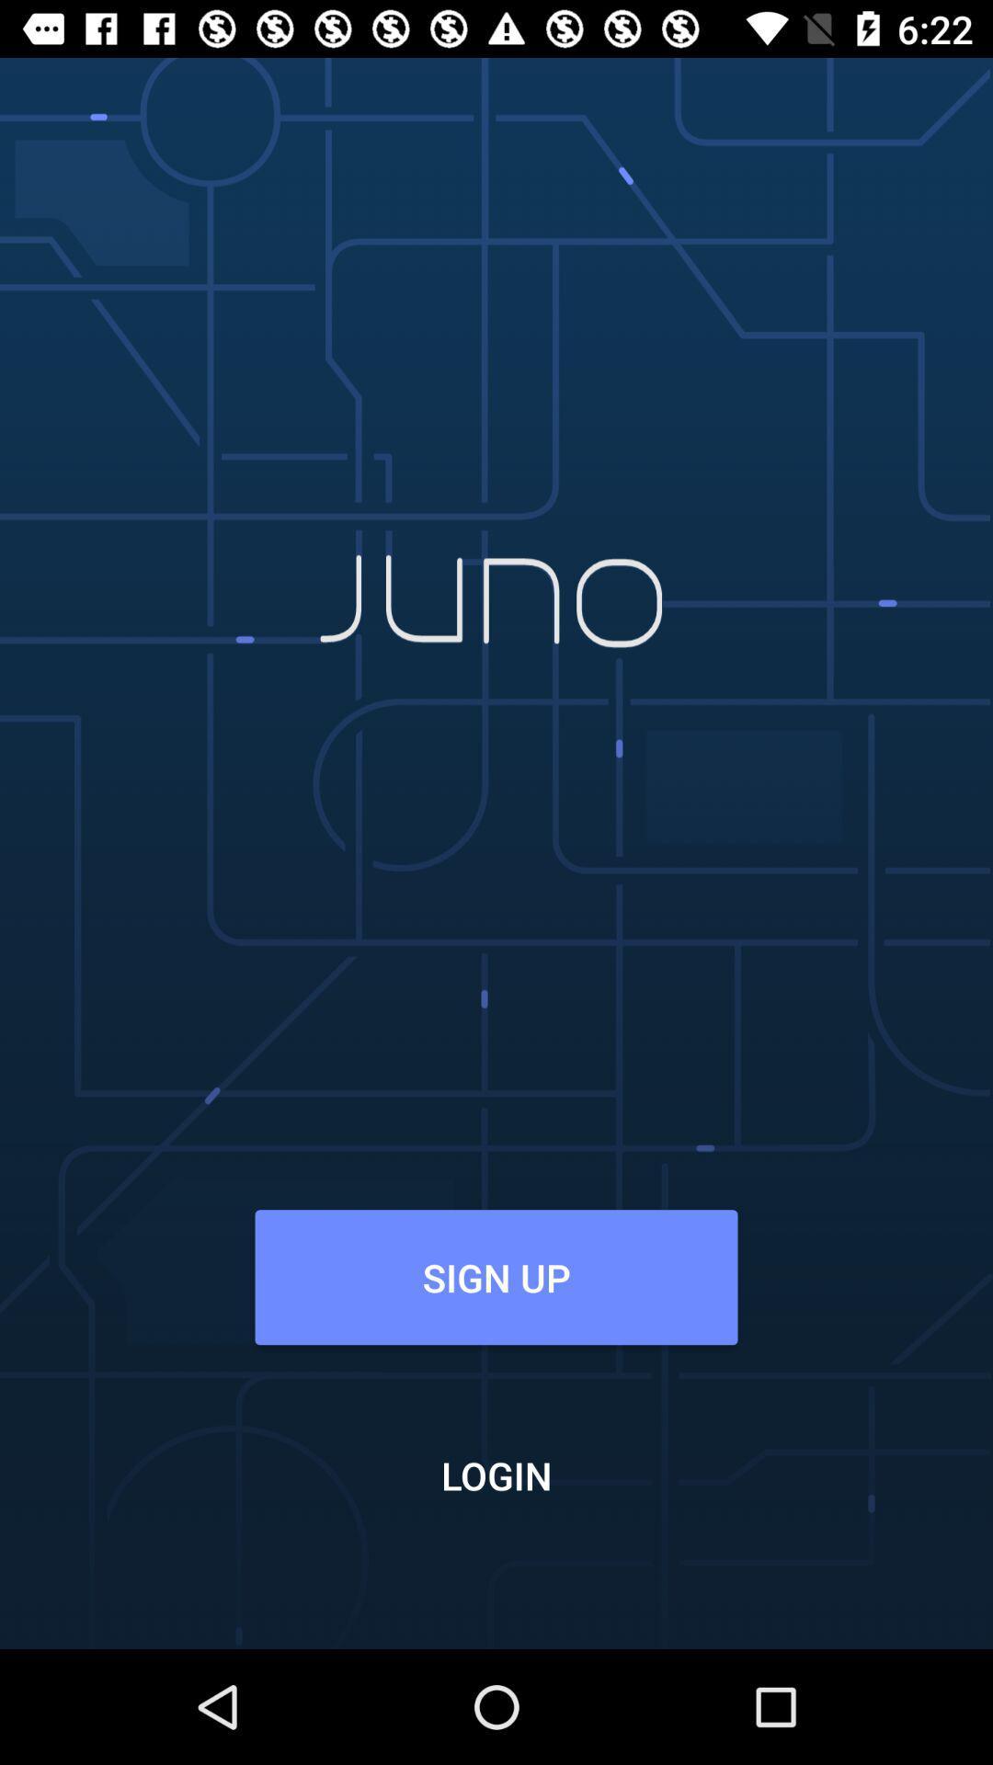 The image size is (993, 1765). Describe the element at coordinates (496, 1475) in the screenshot. I see `the icon below sign up icon` at that location.